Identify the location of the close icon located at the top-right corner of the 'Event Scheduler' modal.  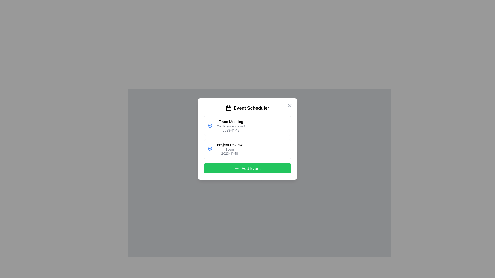
(290, 105).